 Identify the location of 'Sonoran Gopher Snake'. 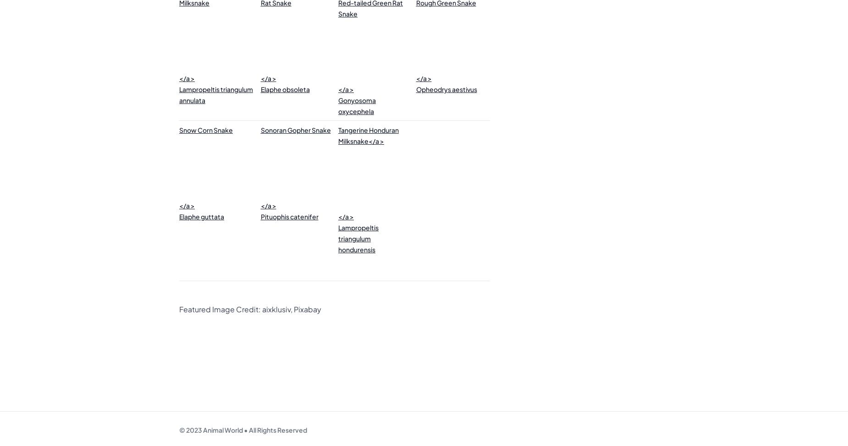
(295, 130).